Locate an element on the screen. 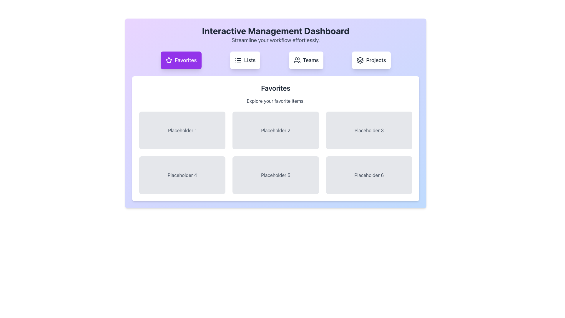  the text label displaying 'Placeholder 2' in a gray font, located in the second placeholder box of the grid is located at coordinates (275, 130).